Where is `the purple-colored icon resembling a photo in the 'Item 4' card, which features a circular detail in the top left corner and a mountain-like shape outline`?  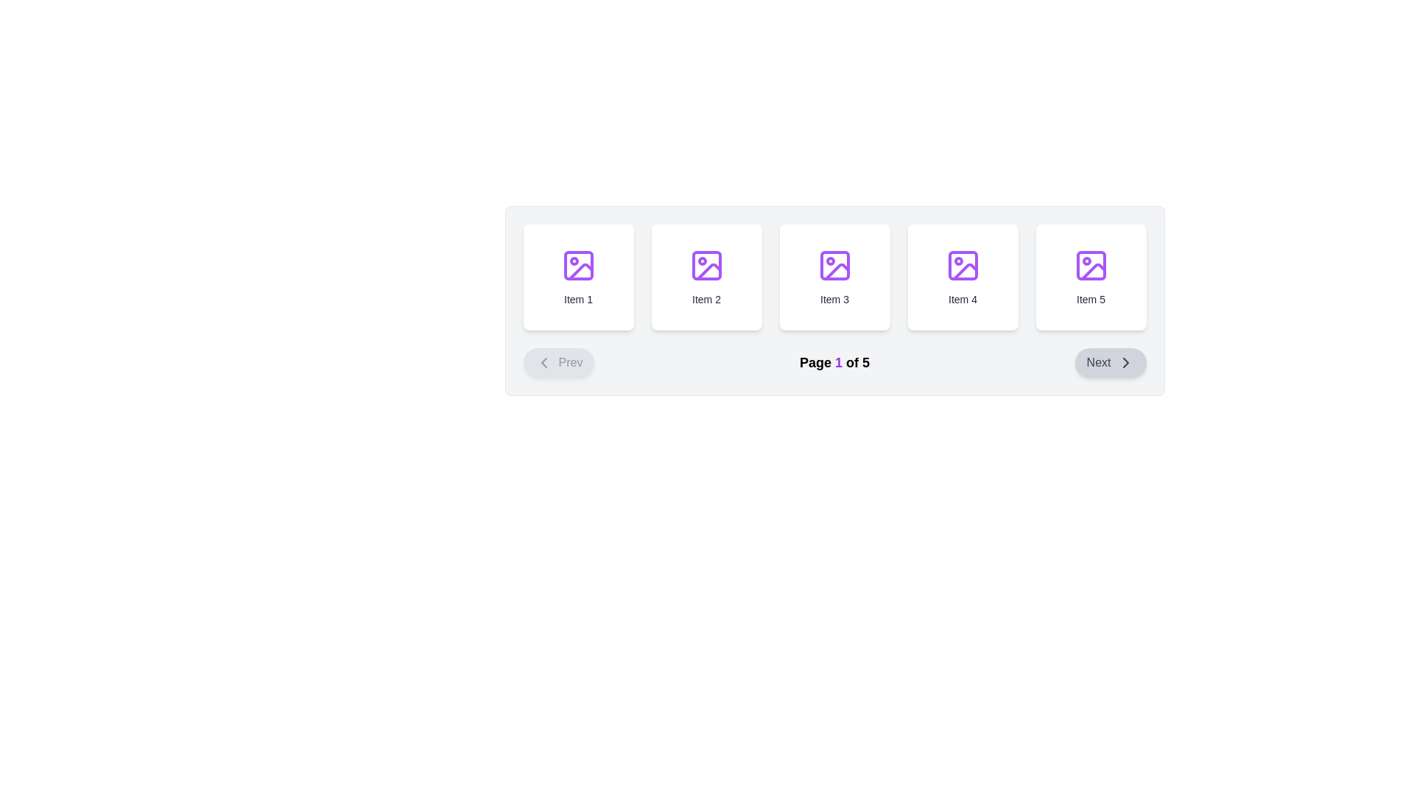
the purple-colored icon resembling a photo in the 'Item 4' card, which features a circular detail in the top left corner and a mountain-like shape outline is located at coordinates (963, 266).